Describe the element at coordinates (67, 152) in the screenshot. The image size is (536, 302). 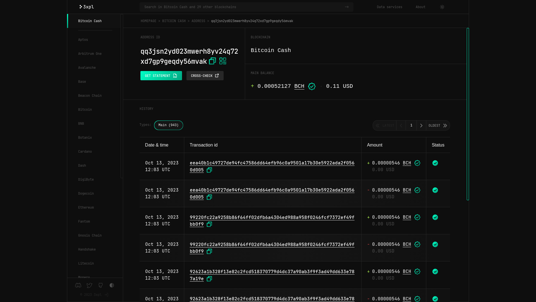
I see `'Cardano'` at that location.